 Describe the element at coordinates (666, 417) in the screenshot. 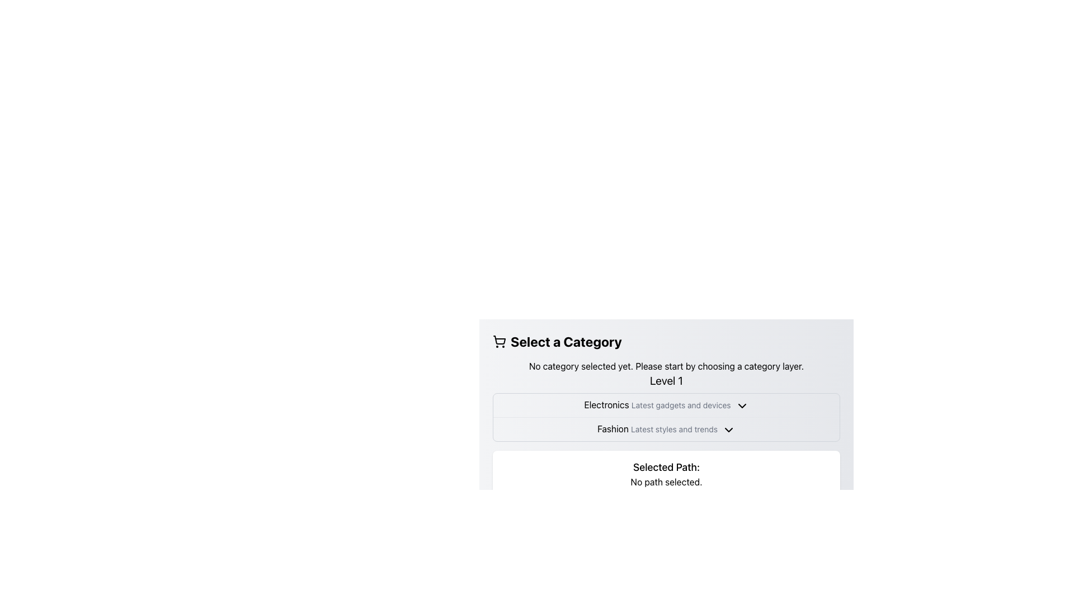

I see `the Category list element that contains the rows for 'Electronics' and 'Fashion'` at that location.